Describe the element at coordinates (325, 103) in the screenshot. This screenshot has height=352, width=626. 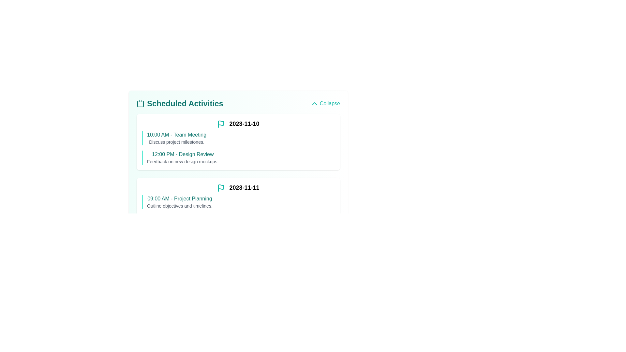
I see `the collapsible toggle button for the 'Scheduled Activities' section` at that location.